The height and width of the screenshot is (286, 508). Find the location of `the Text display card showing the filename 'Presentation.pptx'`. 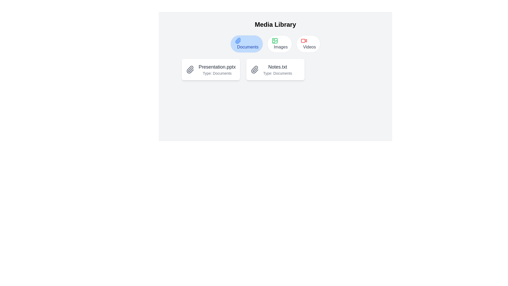

the Text display card showing the filename 'Presentation.pptx' is located at coordinates (217, 69).